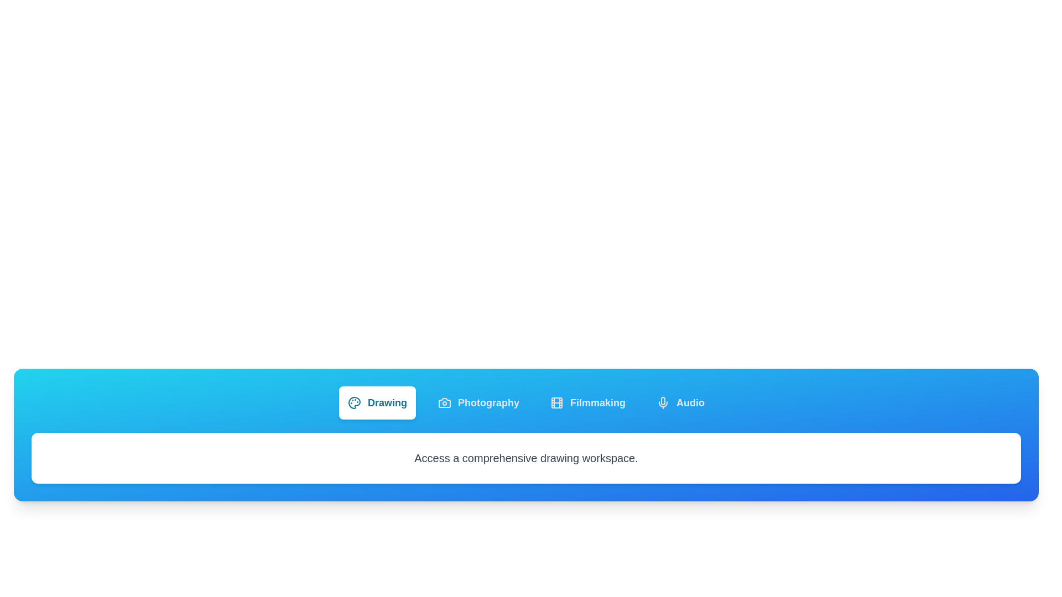  What do you see at coordinates (680, 403) in the screenshot?
I see `the Audio tab` at bounding box center [680, 403].